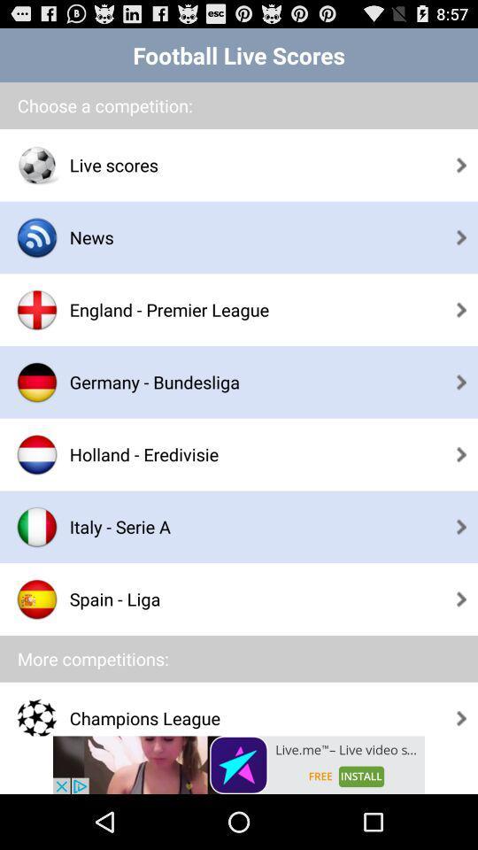 This screenshot has height=850, width=478. Describe the element at coordinates (239, 764) in the screenshot. I see `advertisement` at that location.